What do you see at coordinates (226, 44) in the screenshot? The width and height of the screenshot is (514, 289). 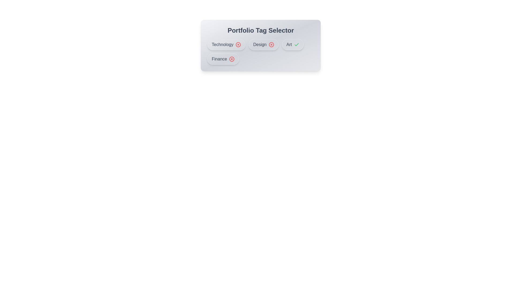 I see `the tag Technology` at bounding box center [226, 44].